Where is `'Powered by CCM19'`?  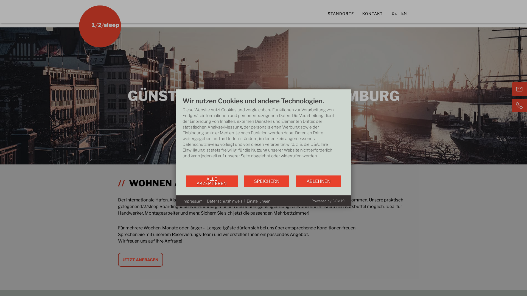 'Powered by CCM19' is located at coordinates (328, 201).